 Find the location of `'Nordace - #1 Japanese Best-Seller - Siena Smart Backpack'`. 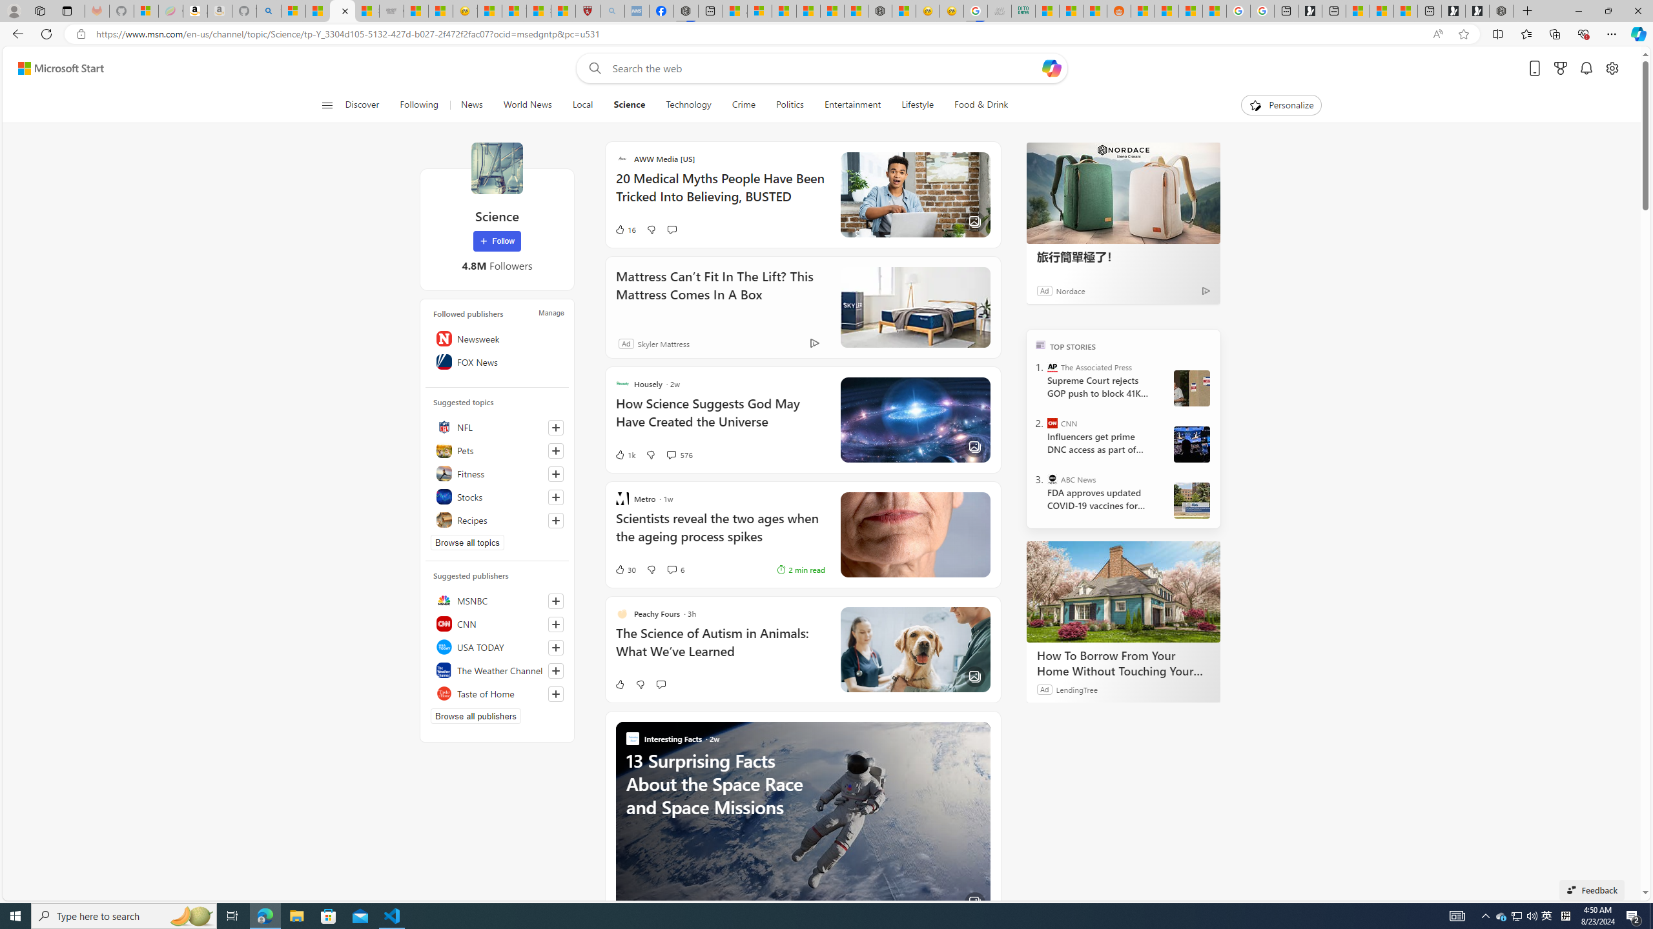

'Nordace - #1 Japanese Best-Seller - Siena Smart Backpack' is located at coordinates (879, 10).